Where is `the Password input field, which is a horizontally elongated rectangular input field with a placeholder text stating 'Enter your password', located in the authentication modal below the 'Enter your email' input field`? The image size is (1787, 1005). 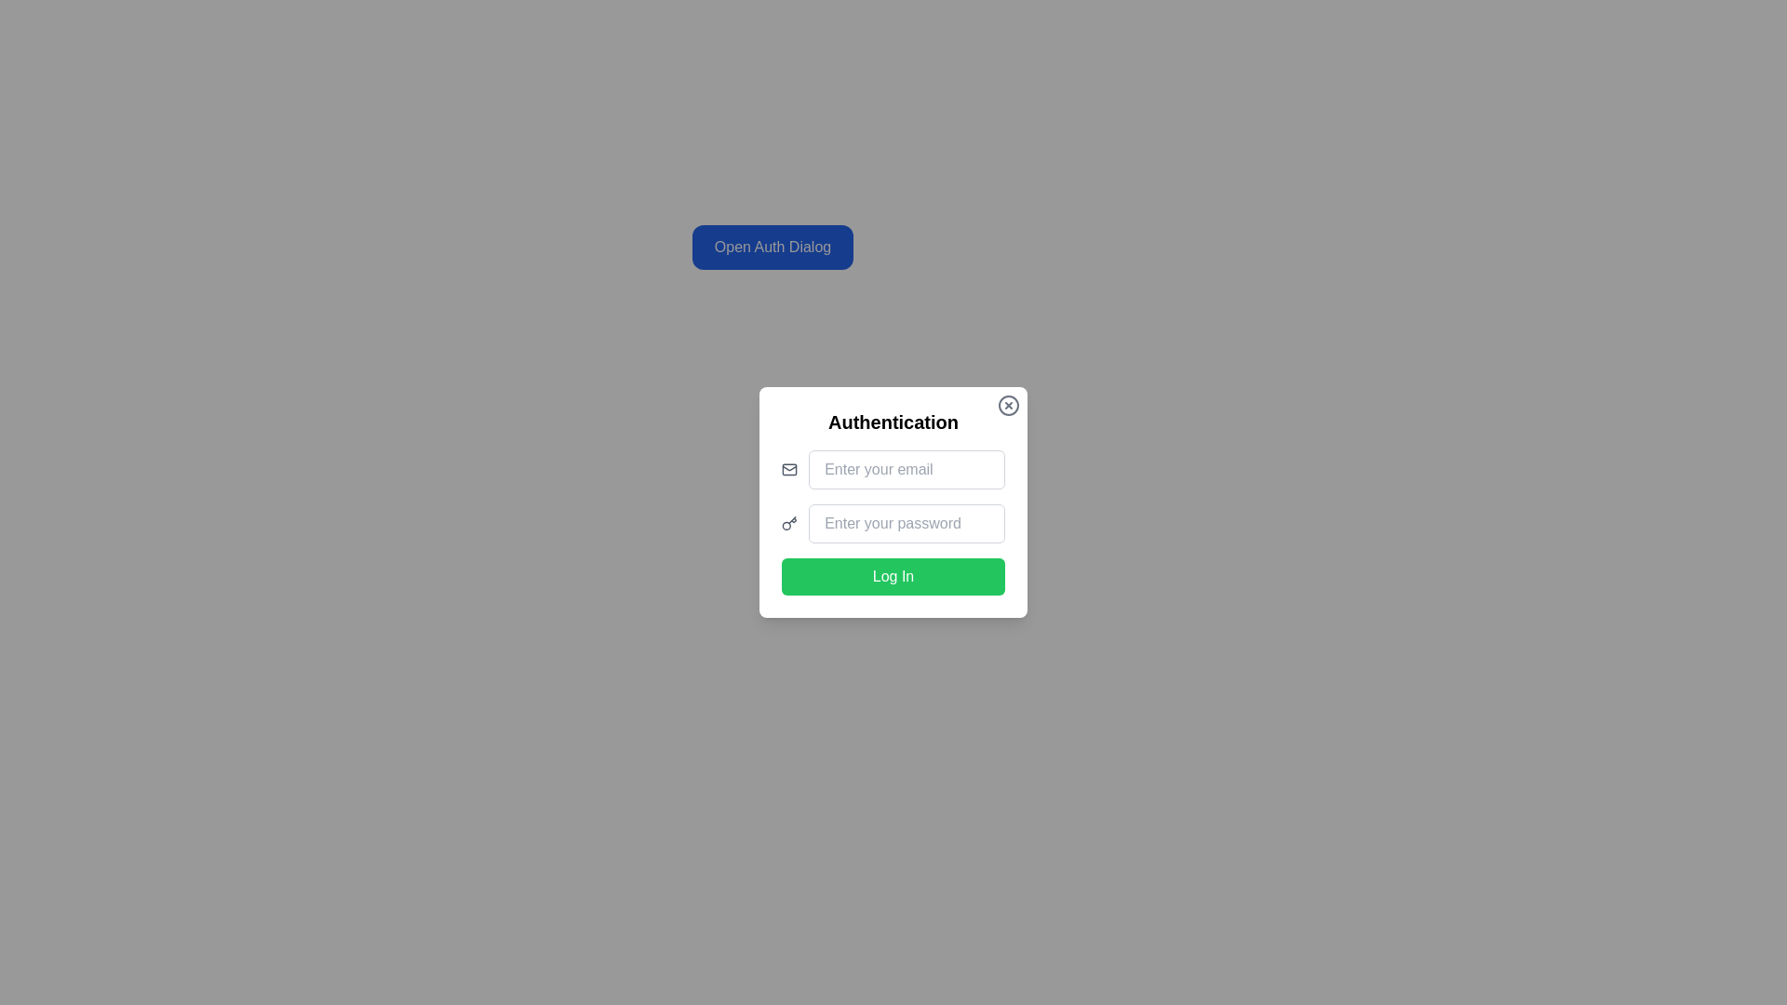
the Password input field, which is a horizontally elongated rectangular input field with a placeholder text stating 'Enter your password', located in the authentication modal below the 'Enter your email' input field is located at coordinates (907, 524).